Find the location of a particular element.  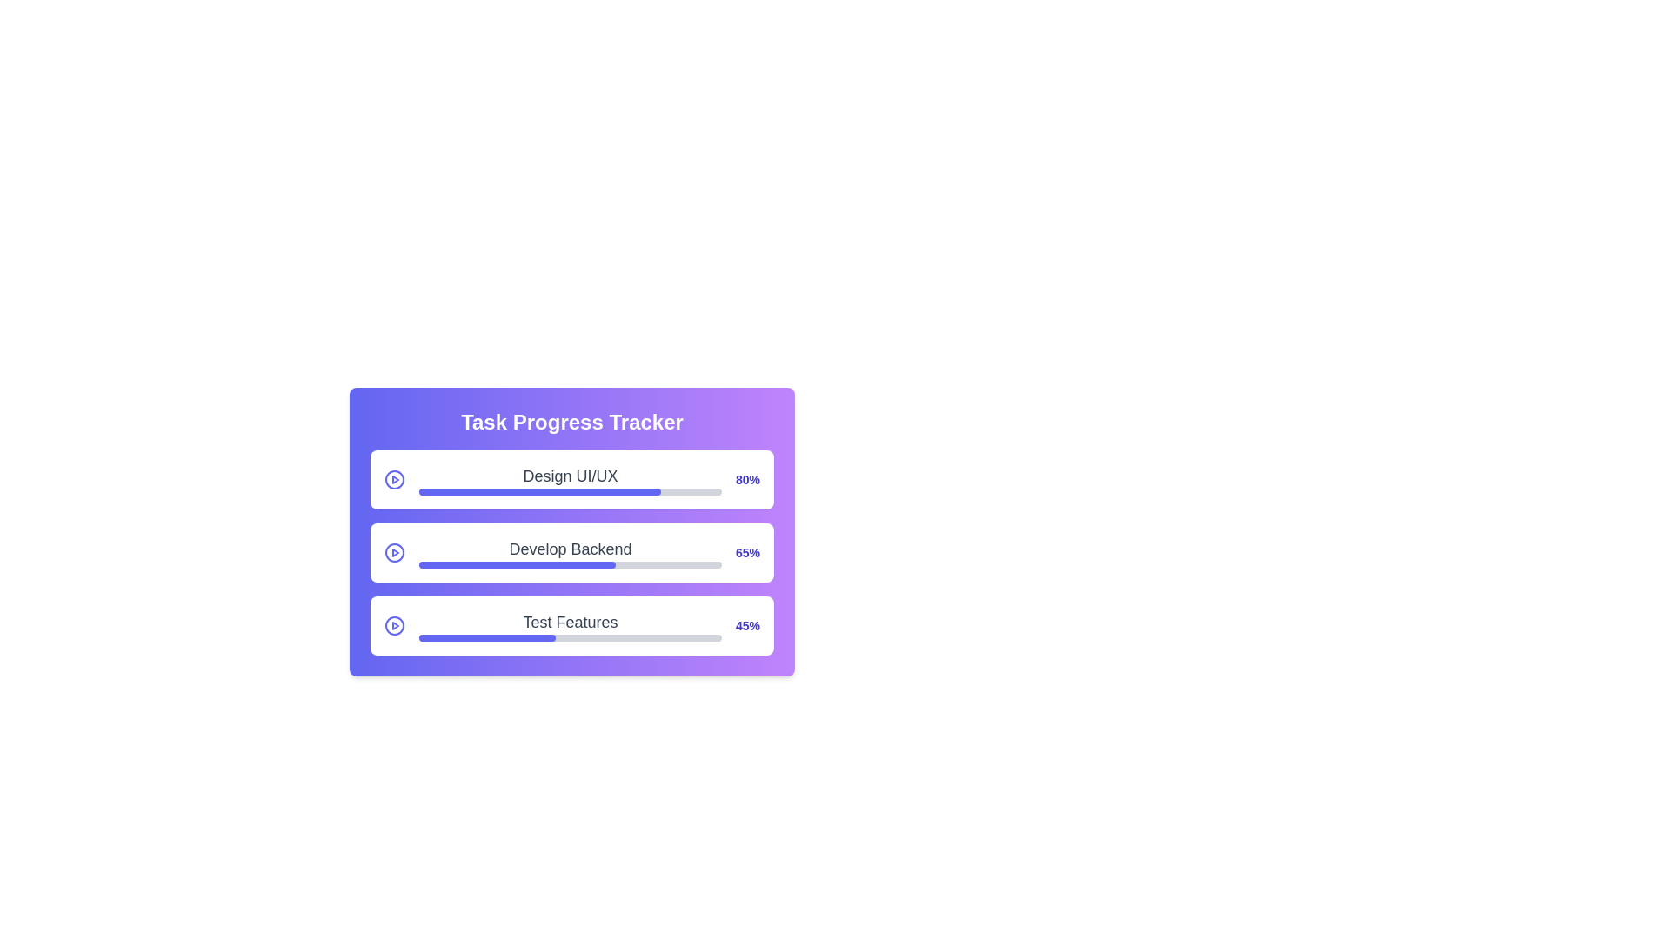

the button located to the left of the 'Develop Backend' task bar to initiate or view the associated task action is located at coordinates (394, 553).